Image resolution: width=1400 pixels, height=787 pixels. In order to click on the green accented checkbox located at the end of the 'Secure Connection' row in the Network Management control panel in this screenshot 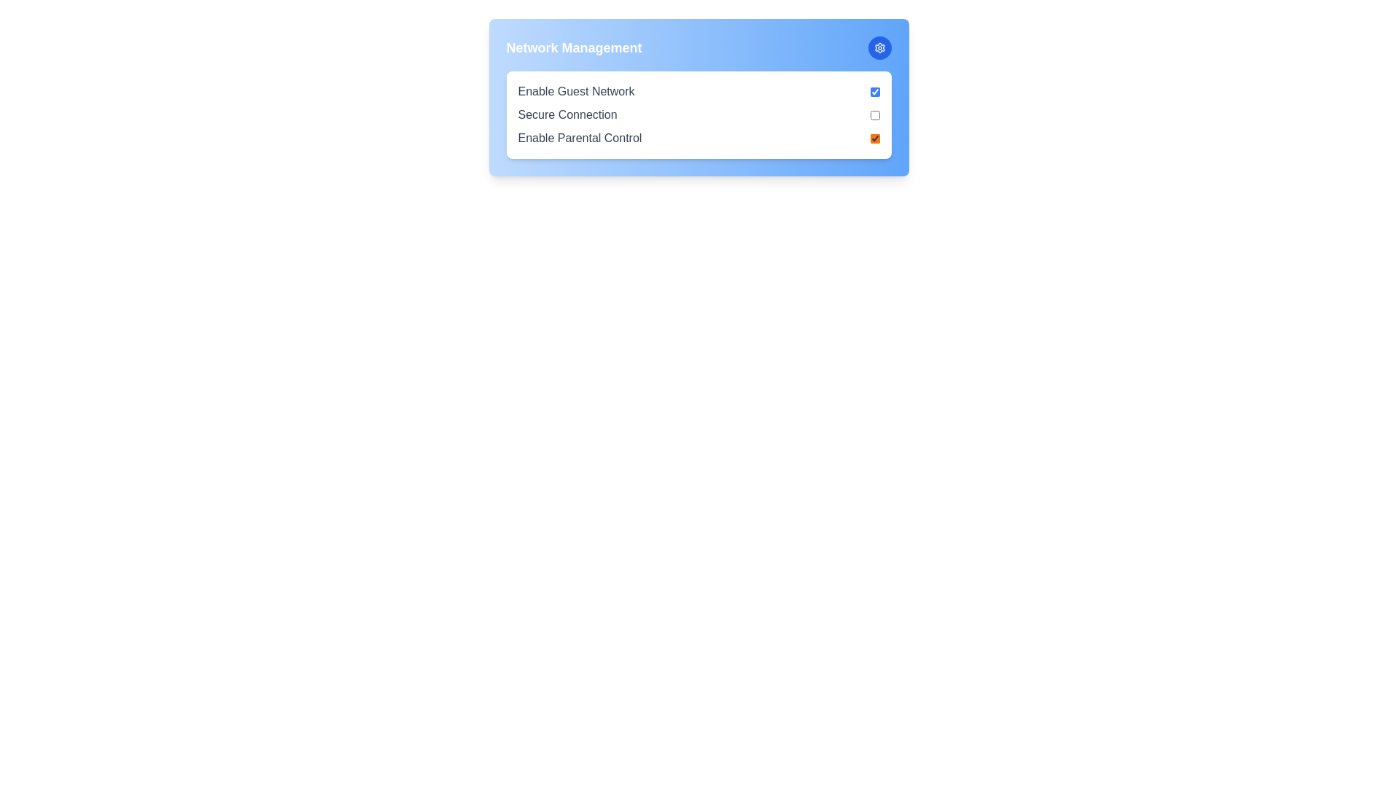, I will do `click(875, 114)`.